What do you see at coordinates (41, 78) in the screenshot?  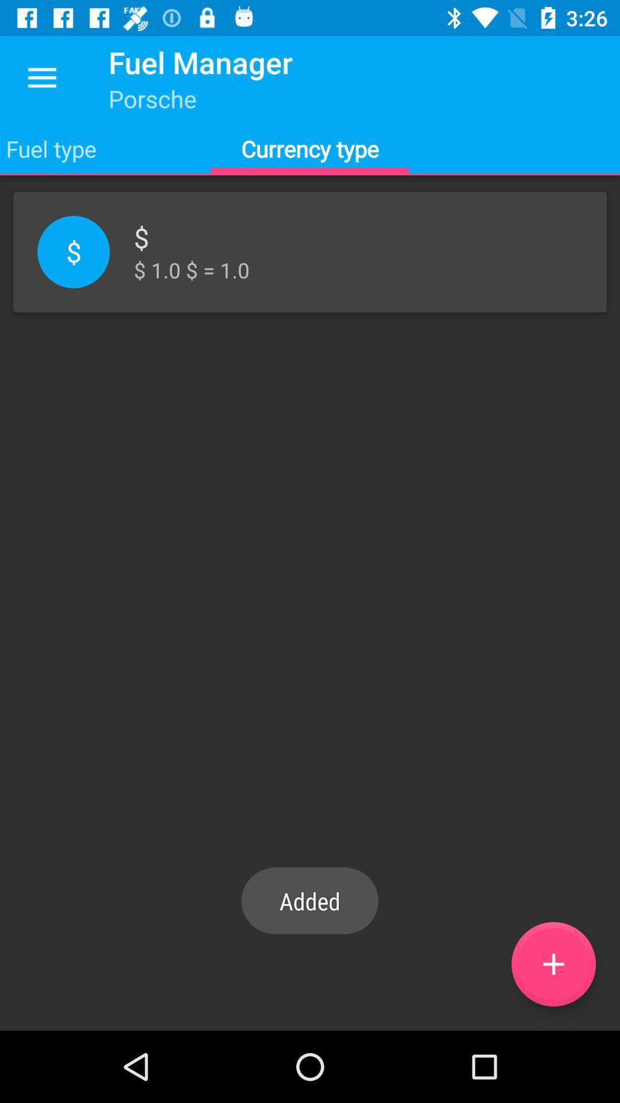 I see `the app to the left of the fuel manager` at bounding box center [41, 78].